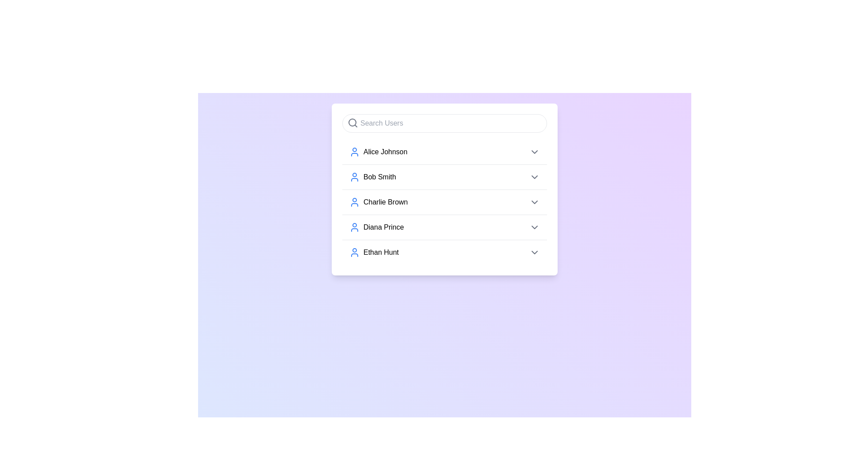  Describe the element at coordinates (445, 177) in the screenshot. I see `the interactive list item displaying 'Bob Smith'` at that location.